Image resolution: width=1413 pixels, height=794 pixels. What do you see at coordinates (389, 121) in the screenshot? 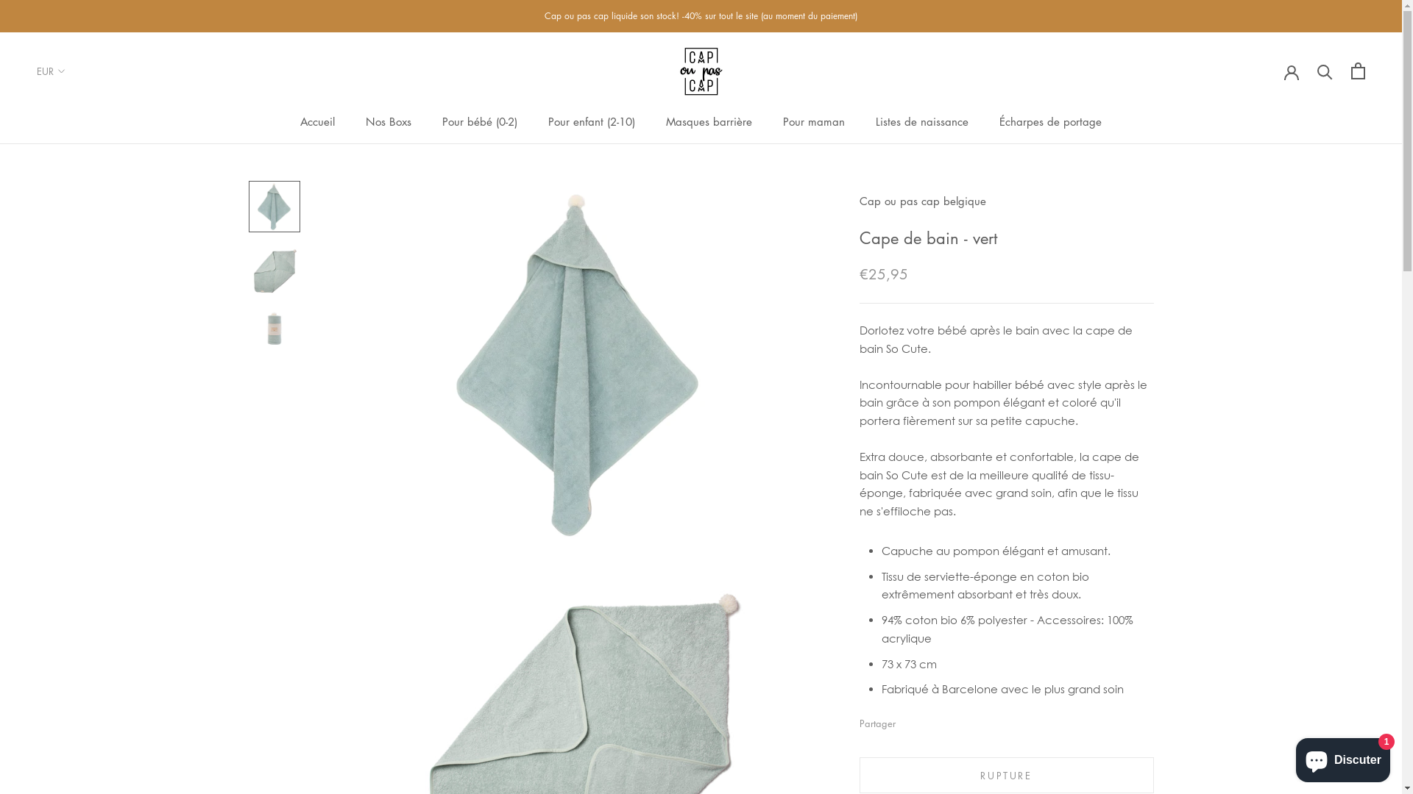
I see `'Nos Boxs'` at bounding box center [389, 121].